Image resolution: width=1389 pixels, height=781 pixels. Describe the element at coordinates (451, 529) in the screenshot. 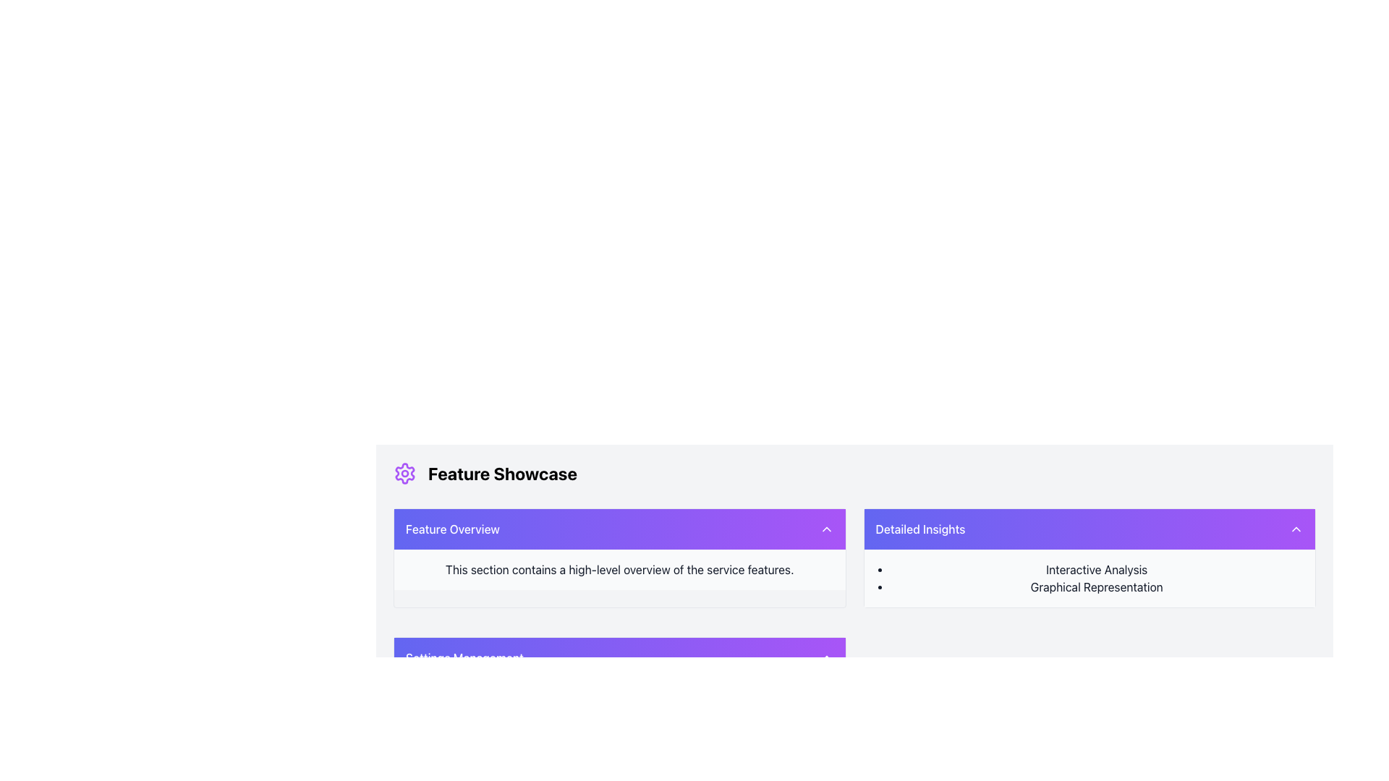

I see `the section represented` at that location.